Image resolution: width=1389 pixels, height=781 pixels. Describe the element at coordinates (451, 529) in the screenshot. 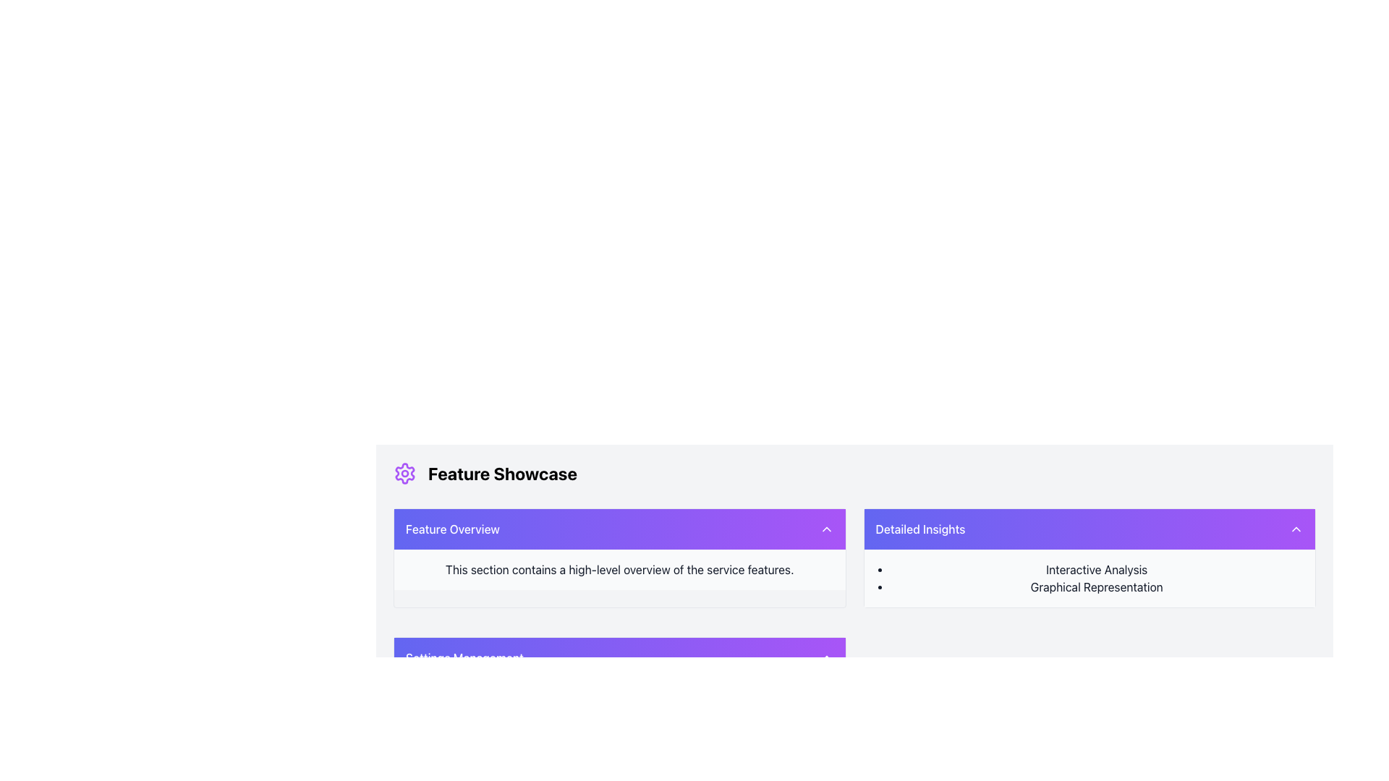

I see `the section represented` at that location.